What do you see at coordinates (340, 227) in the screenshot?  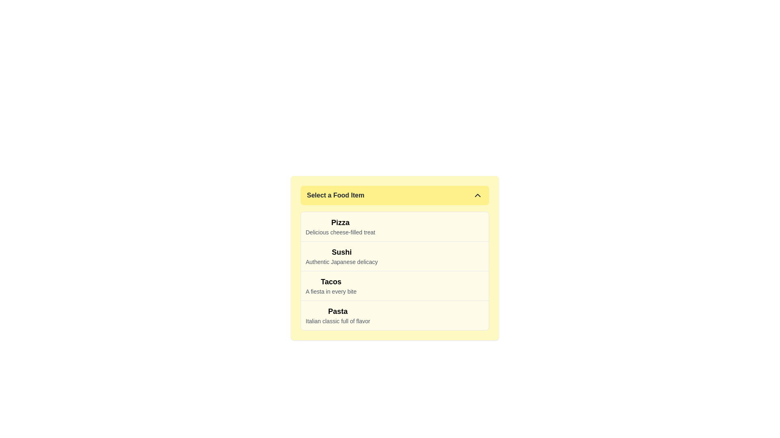 I see `to select the food item 'Pizza' from the topmost position in the menu list displayed on a yellow card interface` at bounding box center [340, 227].